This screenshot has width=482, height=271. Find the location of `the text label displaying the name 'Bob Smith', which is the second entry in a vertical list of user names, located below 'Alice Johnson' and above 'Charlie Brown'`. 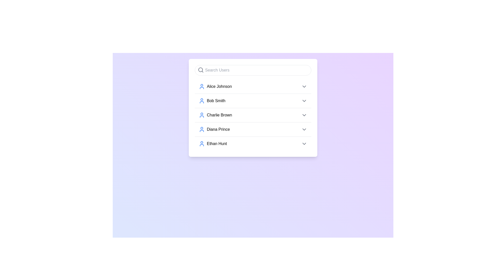

the text label displaying the name 'Bob Smith', which is the second entry in a vertical list of user names, located below 'Alice Johnson' and above 'Charlie Brown' is located at coordinates (216, 101).